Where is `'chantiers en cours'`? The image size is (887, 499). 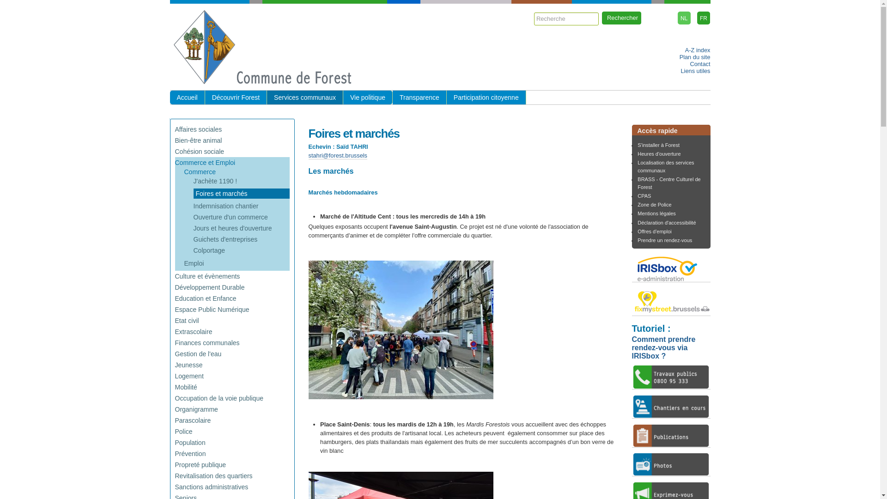 'chantiers en cours' is located at coordinates (632, 406).